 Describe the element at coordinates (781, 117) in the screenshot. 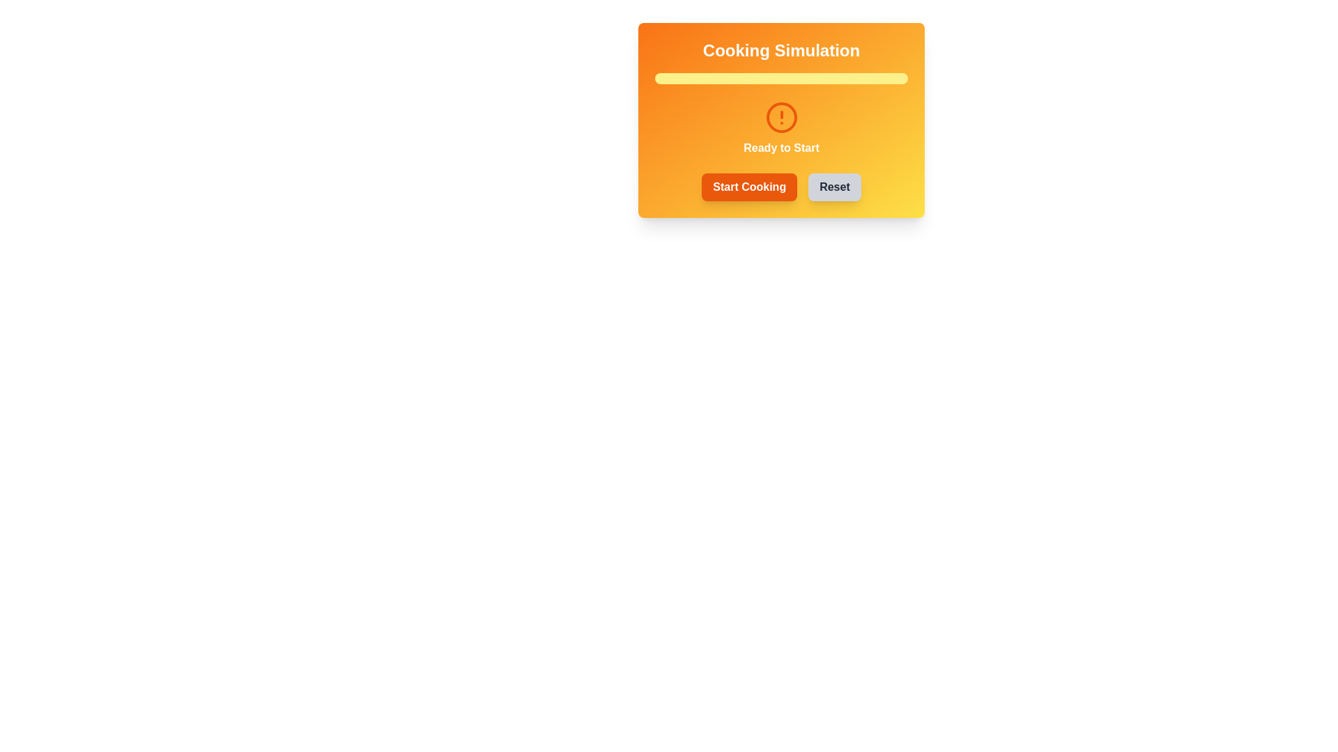

I see `the circular part of the alert icon located at the top-center of the orange-yellow card, above the buttons labeled 'Start Cooking' and 'Reset'` at that location.